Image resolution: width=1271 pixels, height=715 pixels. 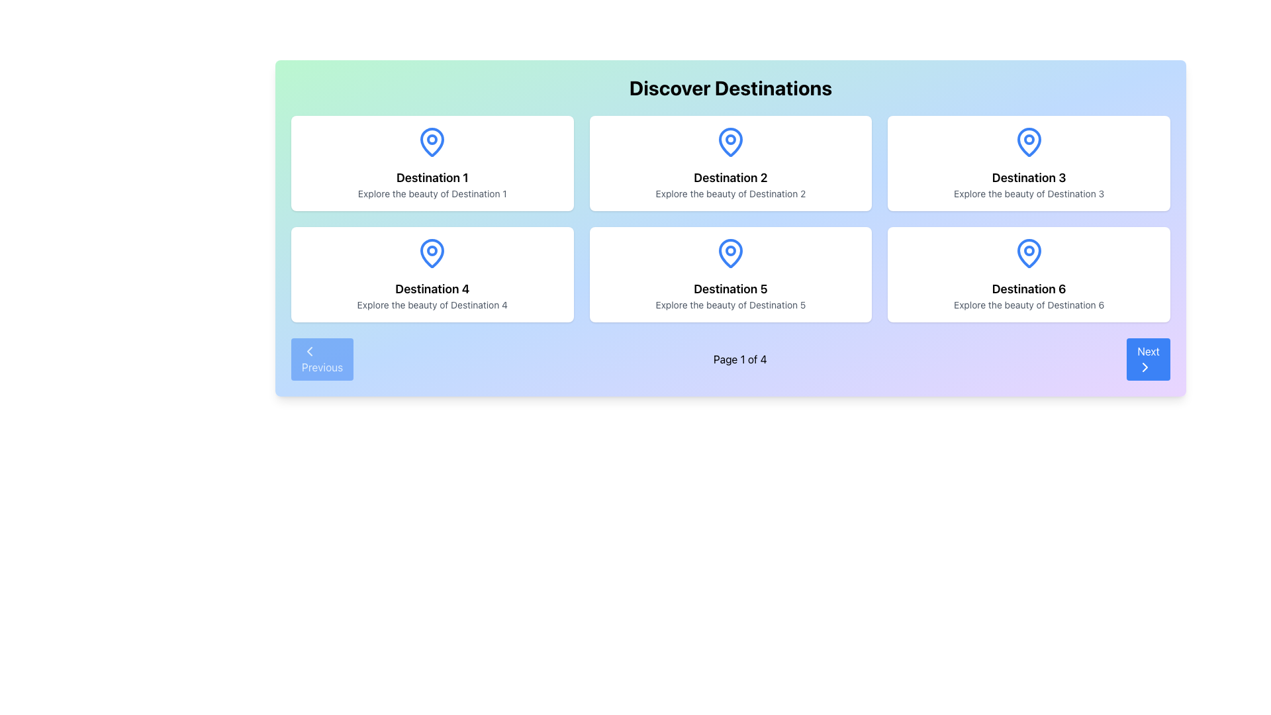 I want to click on the blue pin or location marker icon located above the 'Destination 2' text label in the second column of the first row of destination cards, so click(x=730, y=142).